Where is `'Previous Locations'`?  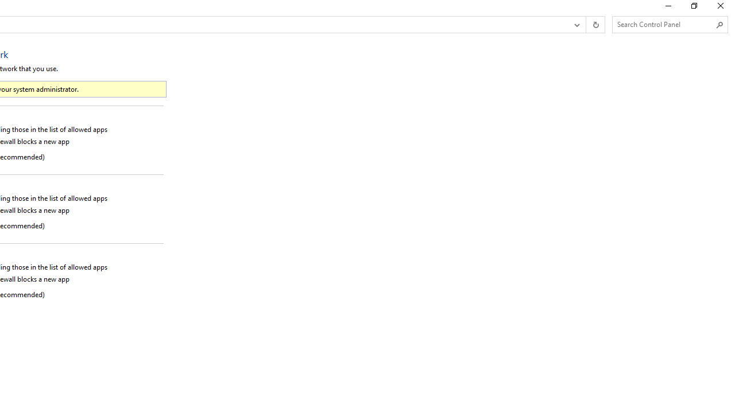
'Previous Locations' is located at coordinates (576, 25).